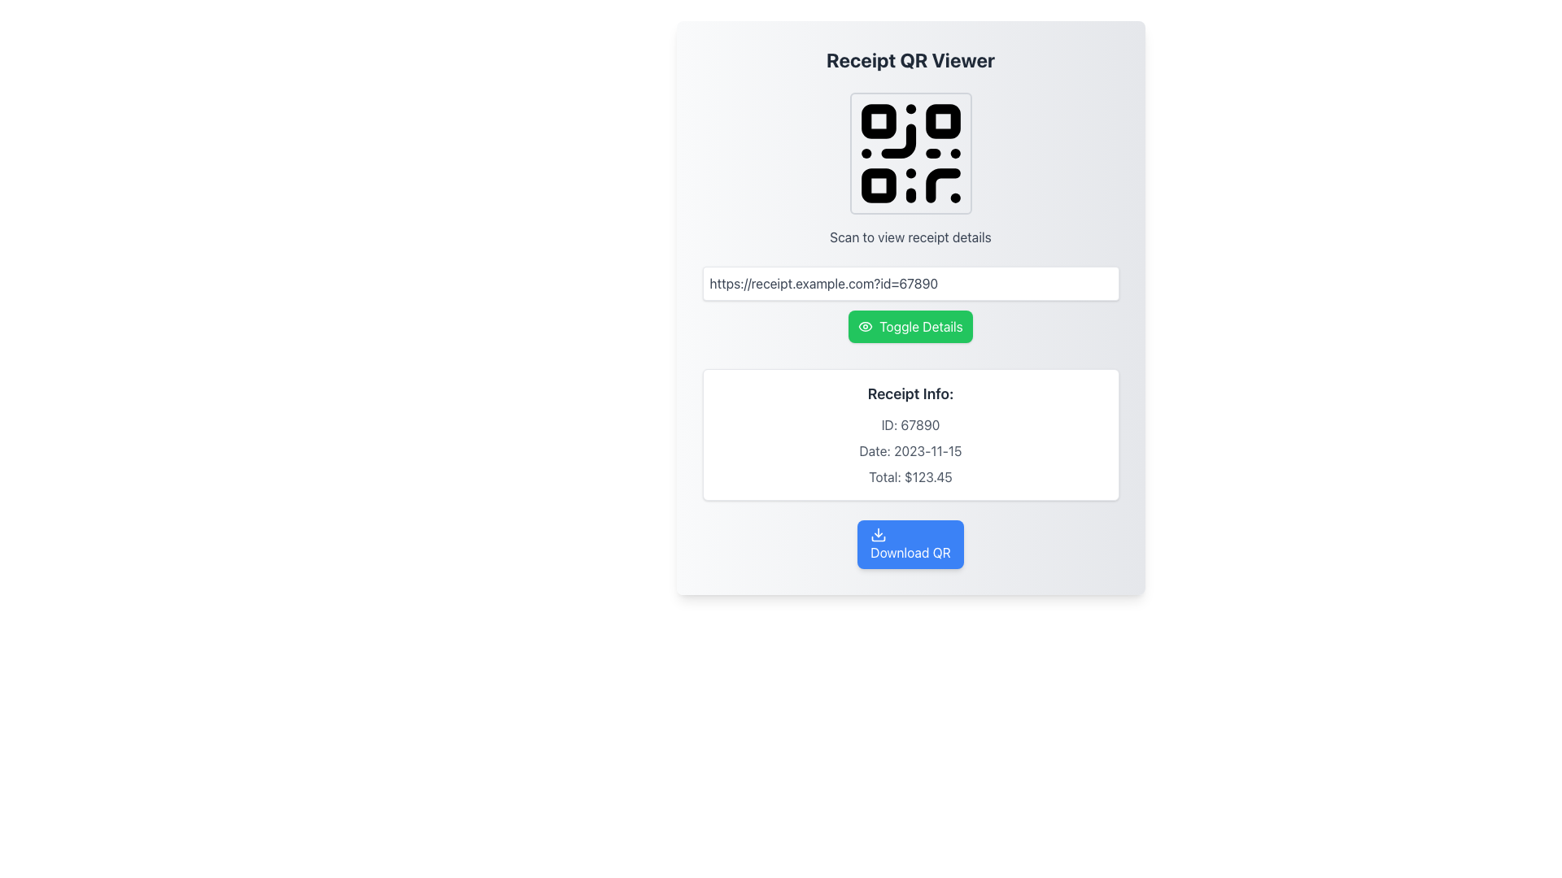  What do you see at coordinates (878, 120) in the screenshot?
I see `the small rounded square located in the top-left region of the QR code image, which is the first of the small squares in the QR code structure` at bounding box center [878, 120].